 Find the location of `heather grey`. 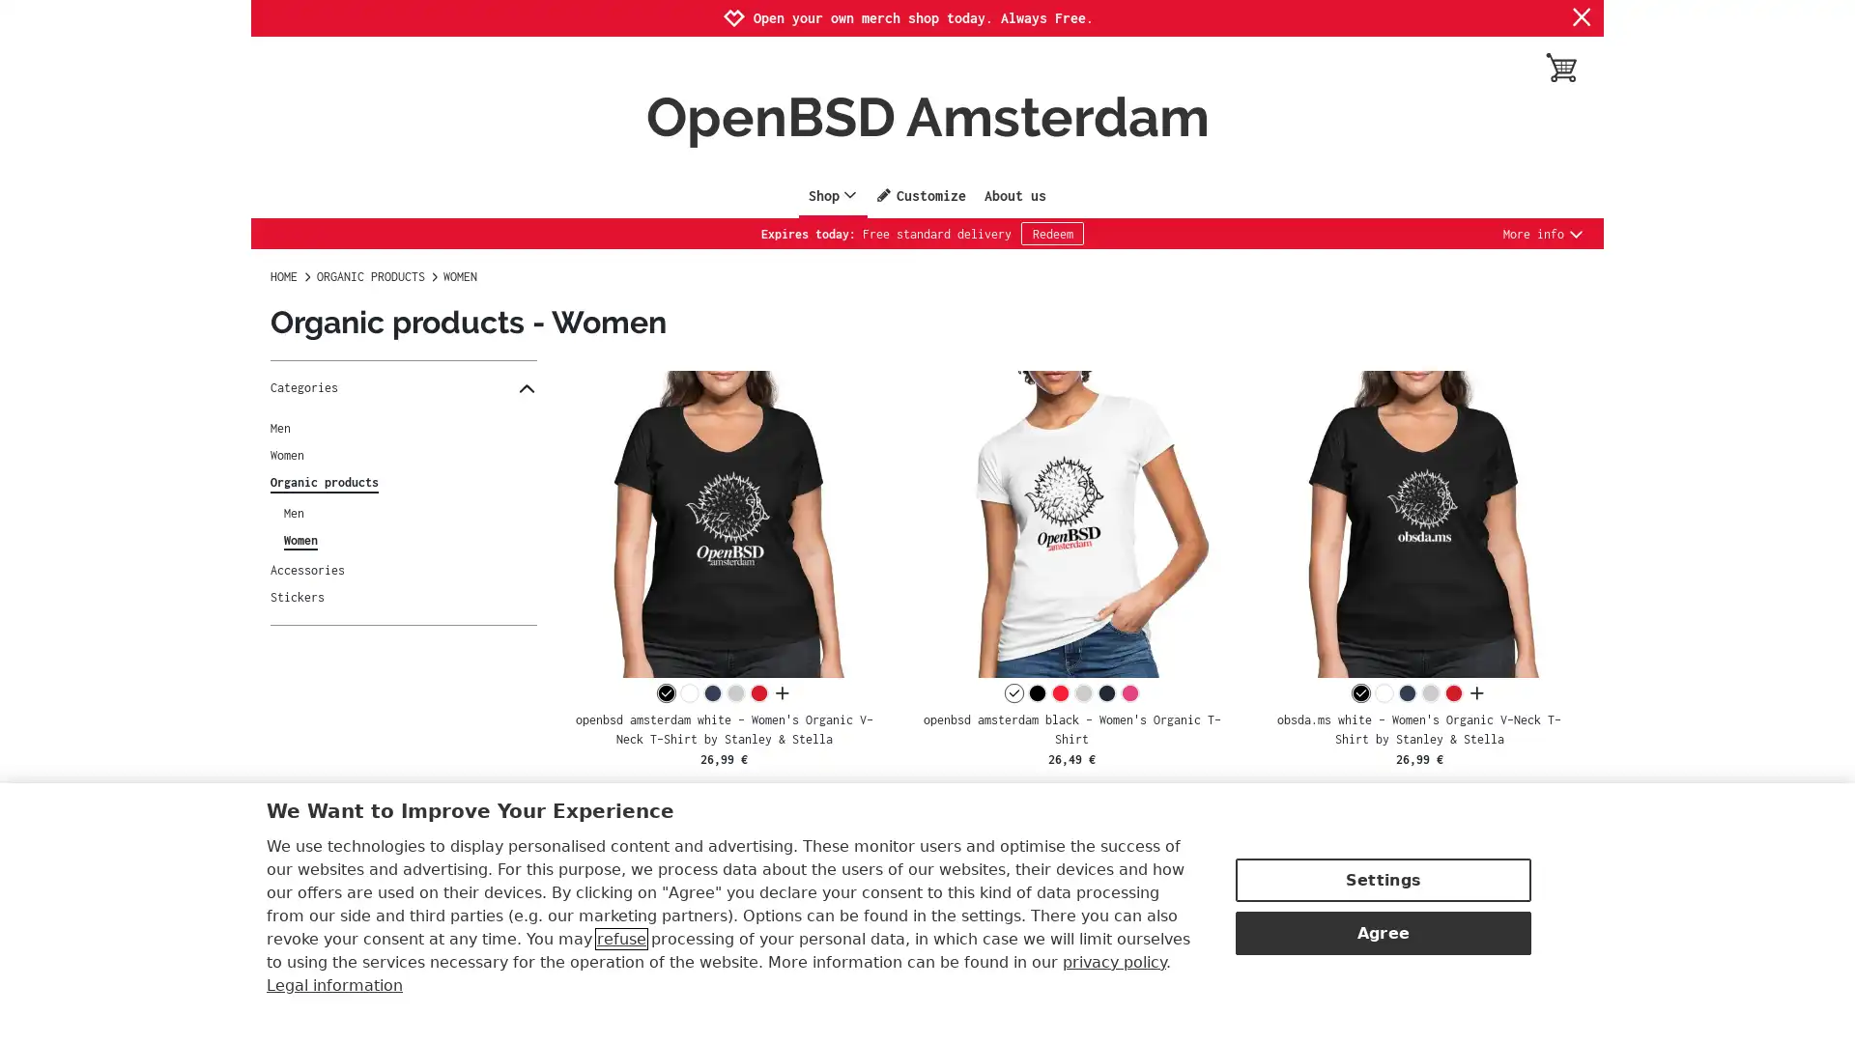

heather grey is located at coordinates (1431, 692).